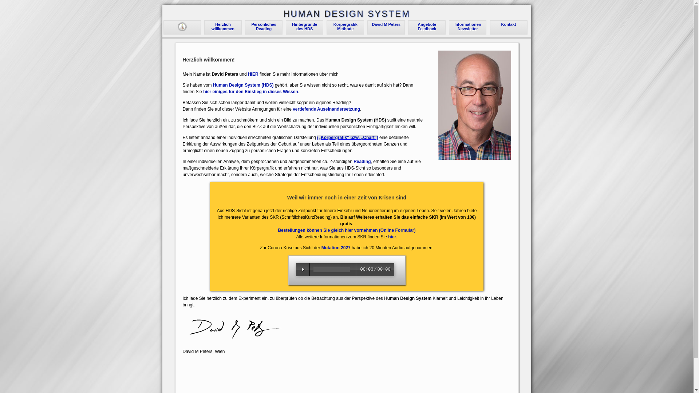 Image resolution: width=699 pixels, height=393 pixels. What do you see at coordinates (508, 24) in the screenshot?
I see `'Kontakt'` at bounding box center [508, 24].